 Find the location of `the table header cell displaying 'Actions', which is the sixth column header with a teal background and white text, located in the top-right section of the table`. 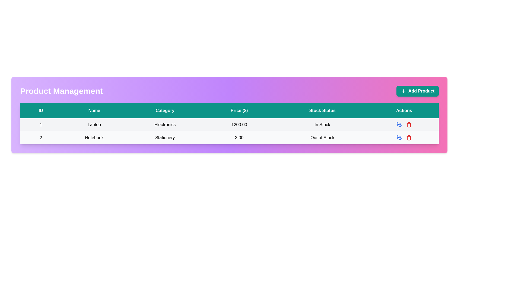

the table header cell displaying 'Actions', which is the sixth column header with a teal background and white text, located in the top-right section of the table is located at coordinates (404, 110).